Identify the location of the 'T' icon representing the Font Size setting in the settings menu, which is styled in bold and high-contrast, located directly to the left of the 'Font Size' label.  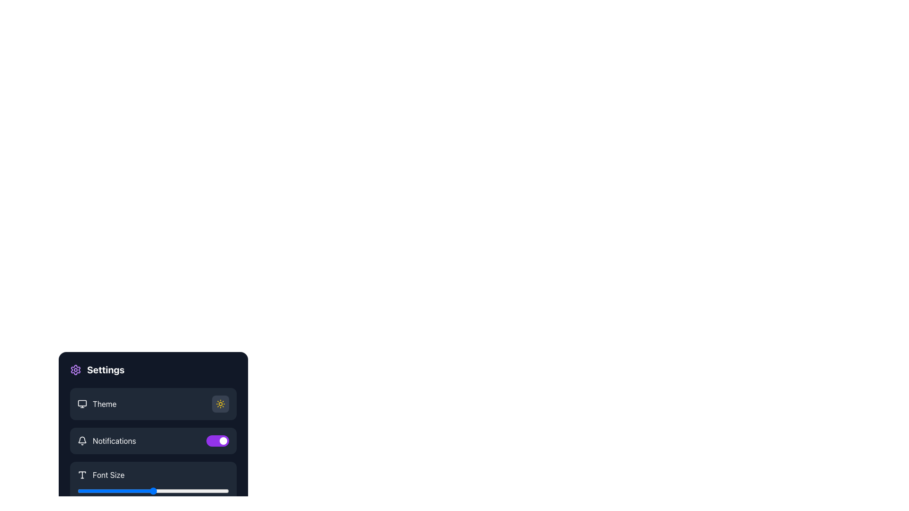
(82, 475).